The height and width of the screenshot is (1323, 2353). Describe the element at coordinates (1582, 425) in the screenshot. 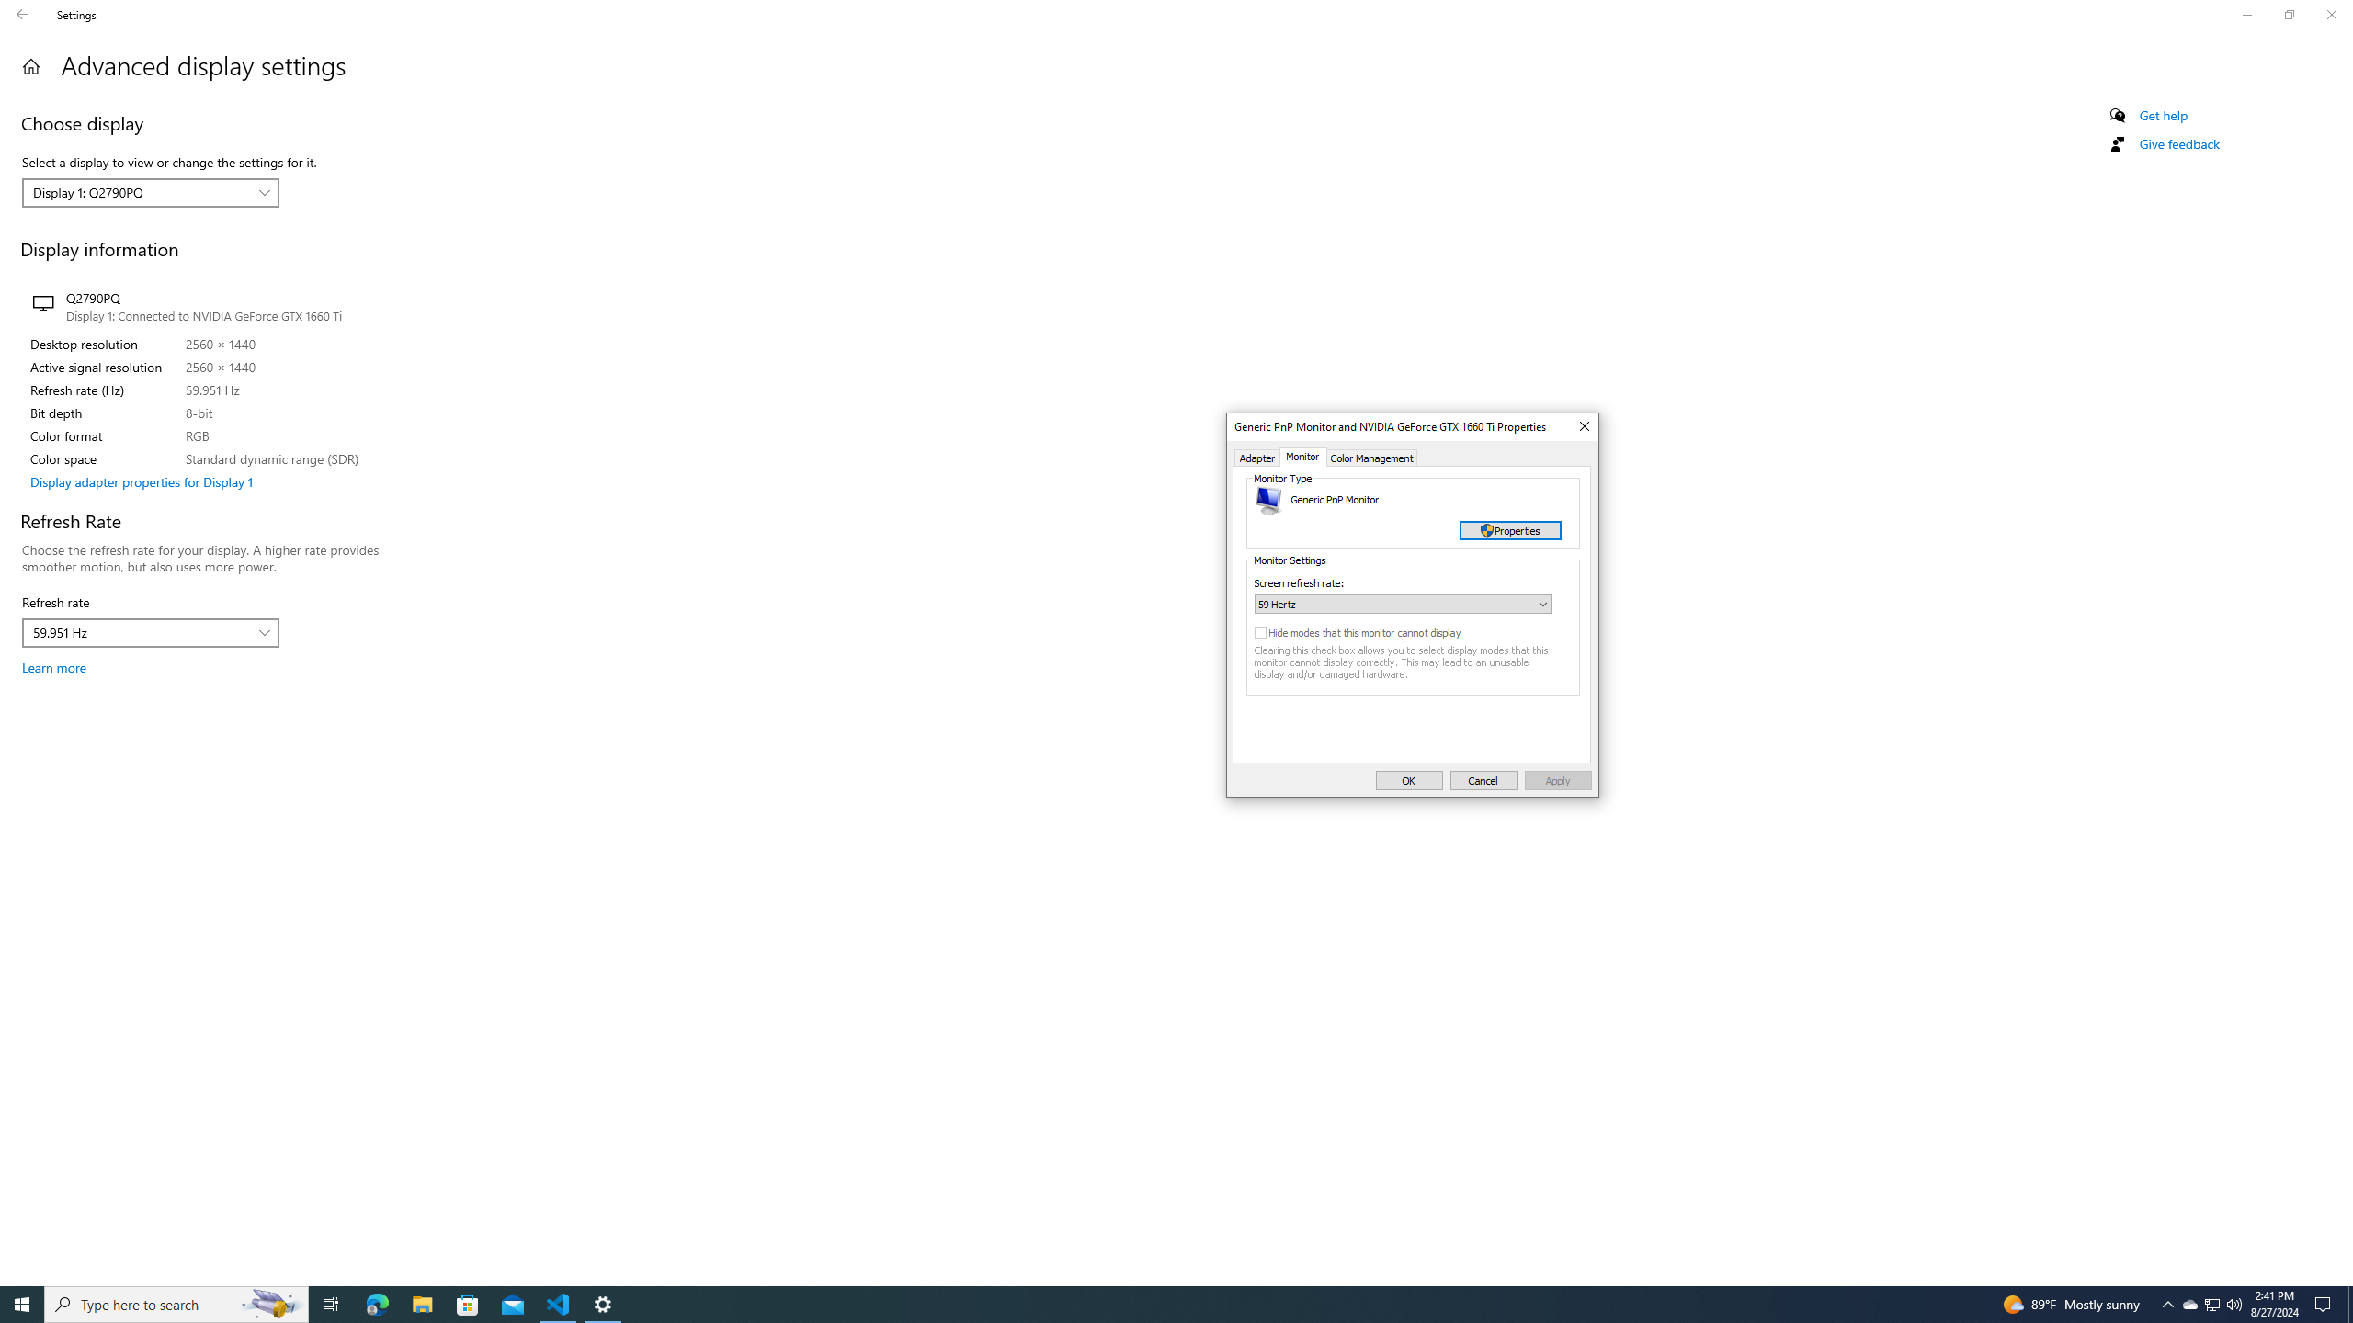

I see `'Close'` at that location.